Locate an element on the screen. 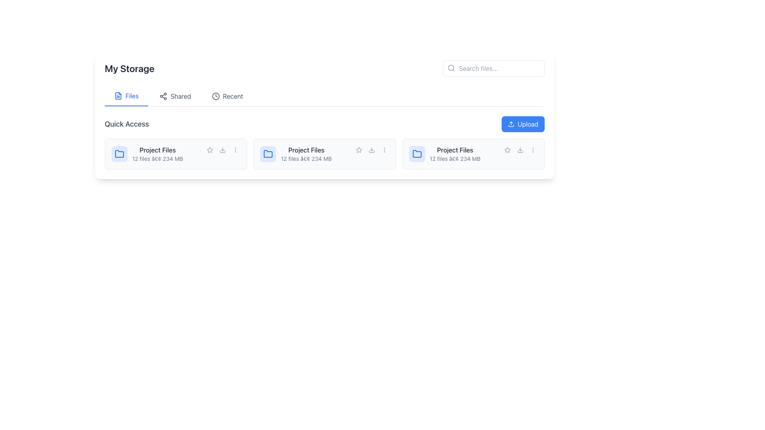 The height and width of the screenshot is (430, 765). the folder icon located in the first 'Quick Access' card on the leftmost side of the row is located at coordinates (119, 154).